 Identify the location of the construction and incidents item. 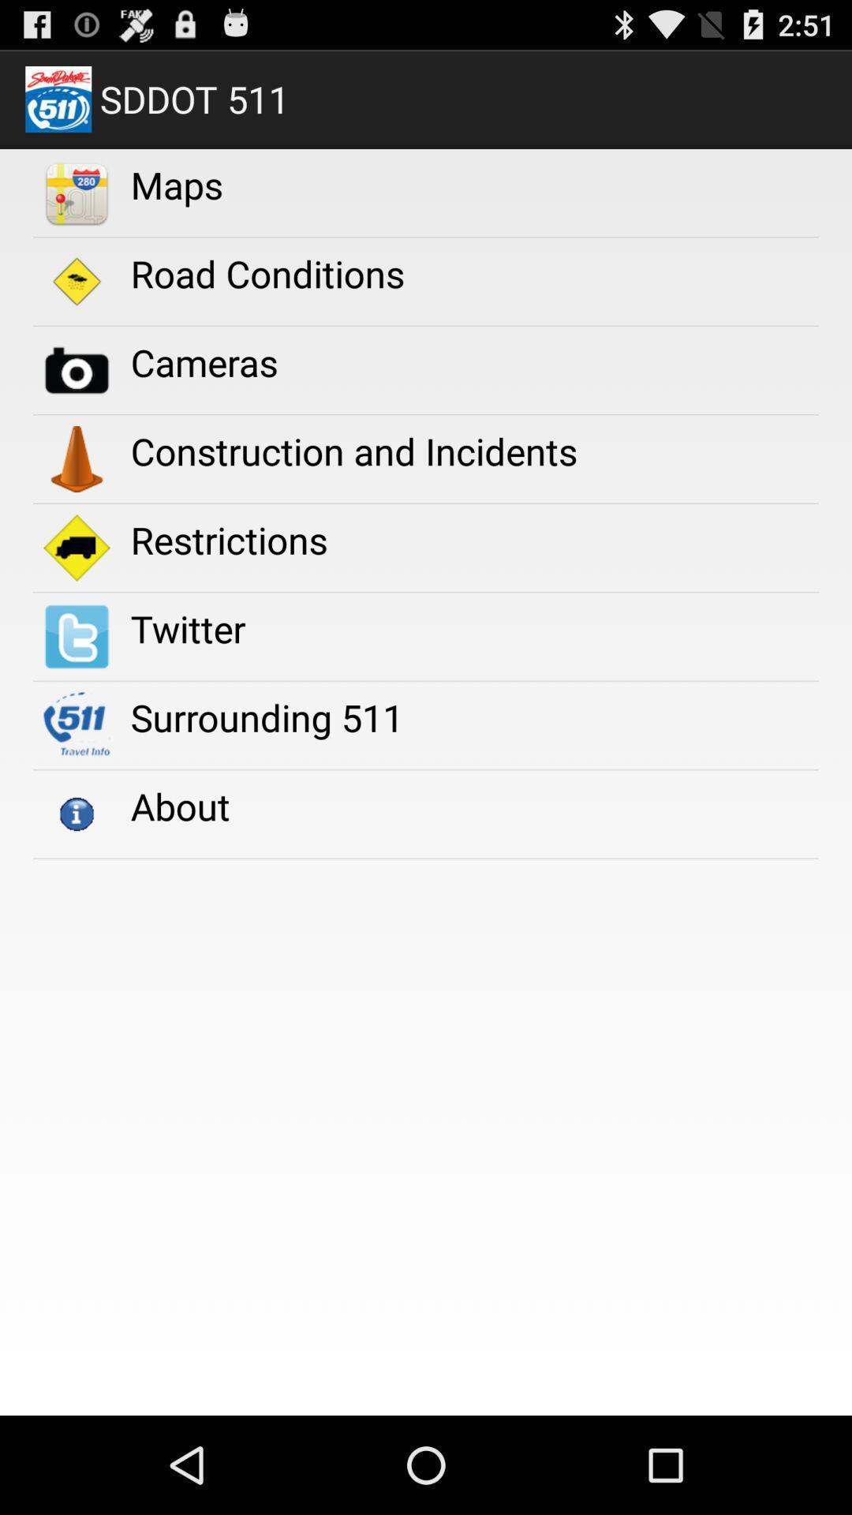
(353, 450).